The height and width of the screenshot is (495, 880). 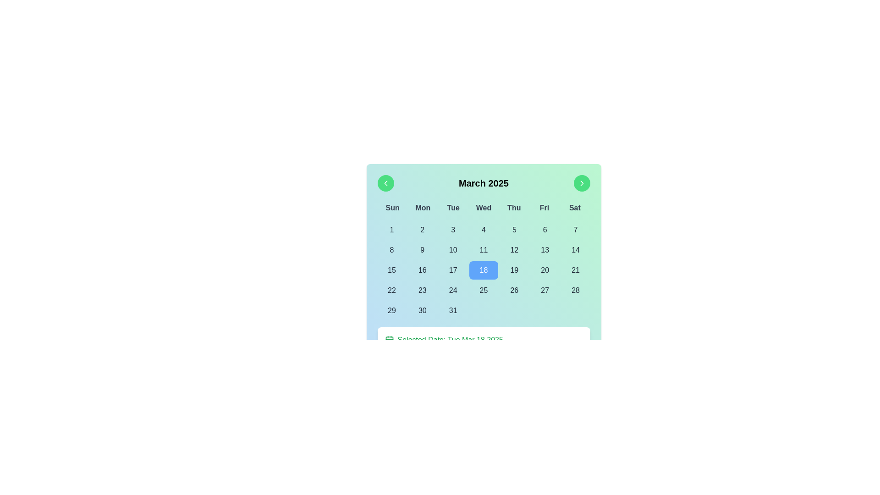 I want to click on the green calendar icon located within the text block reading 'Selected Date: Tue Mar 18 2025', so click(x=389, y=340).